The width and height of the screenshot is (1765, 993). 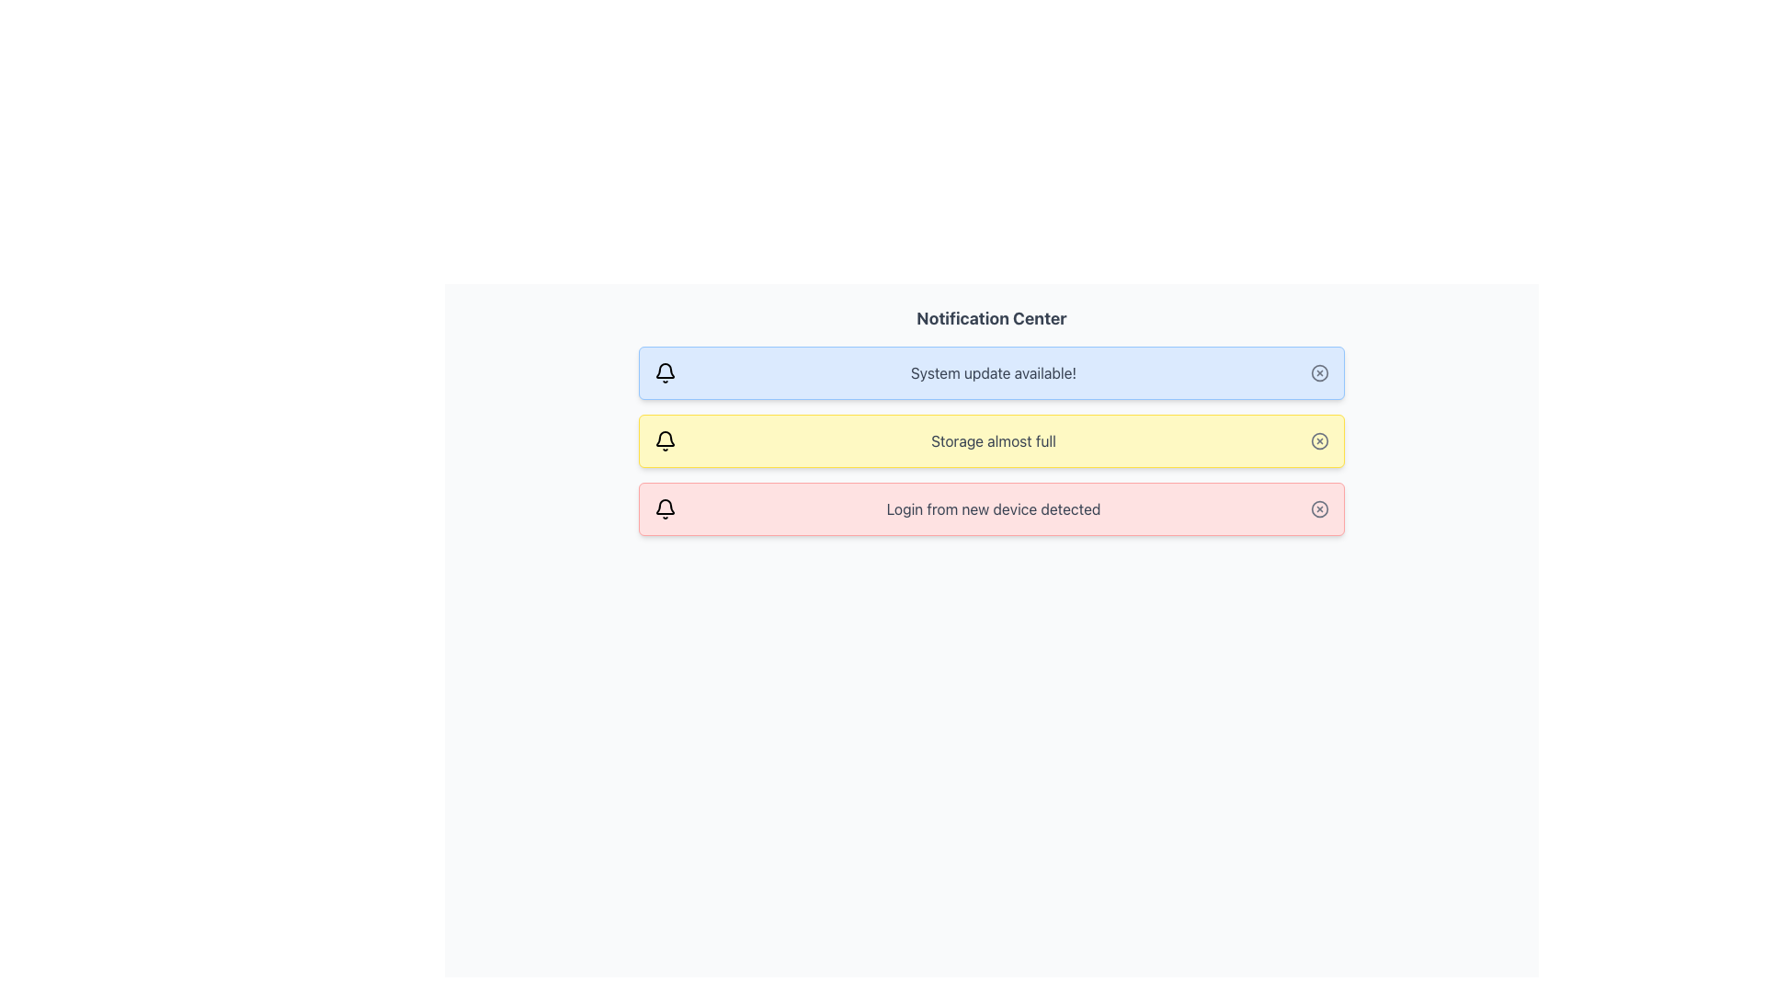 What do you see at coordinates (665, 509) in the screenshot?
I see `the bell icon representing notifications, located within the red notification card that contains the text 'Login from new device detected'` at bounding box center [665, 509].